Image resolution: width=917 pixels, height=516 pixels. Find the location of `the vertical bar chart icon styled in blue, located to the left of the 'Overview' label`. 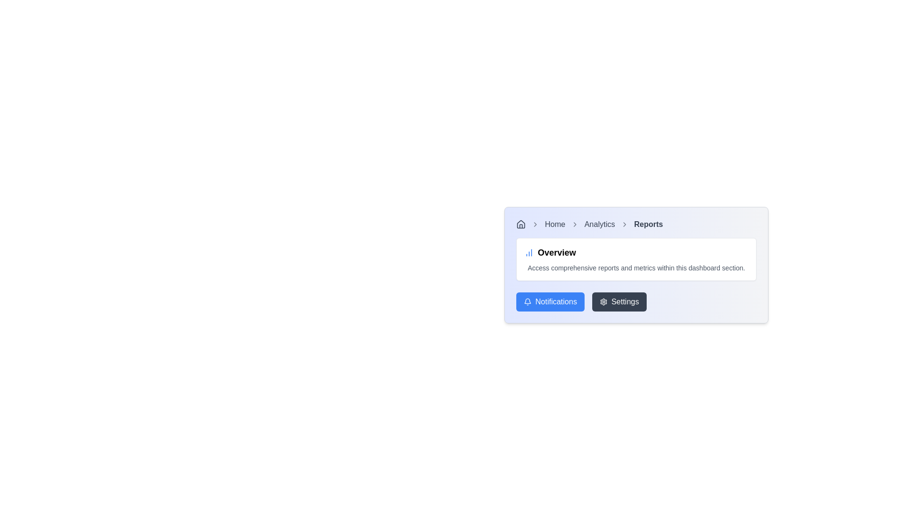

the vertical bar chart icon styled in blue, located to the left of the 'Overview' label is located at coordinates (529, 252).